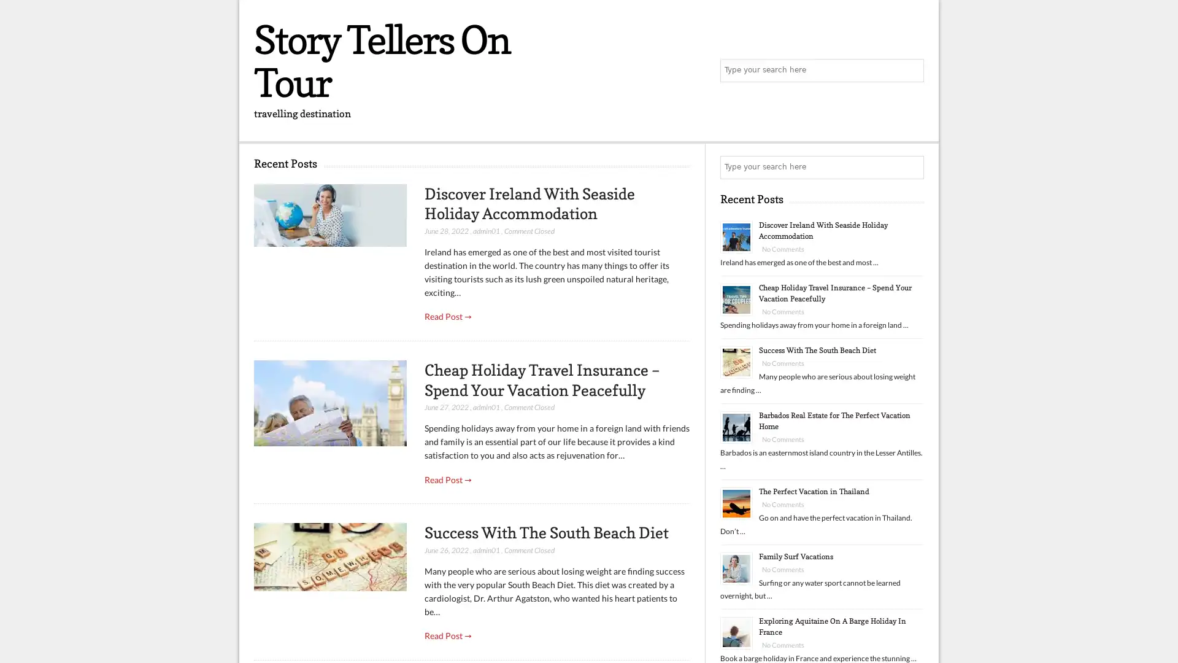 This screenshot has height=663, width=1178. Describe the element at coordinates (911, 168) in the screenshot. I see `Search` at that location.